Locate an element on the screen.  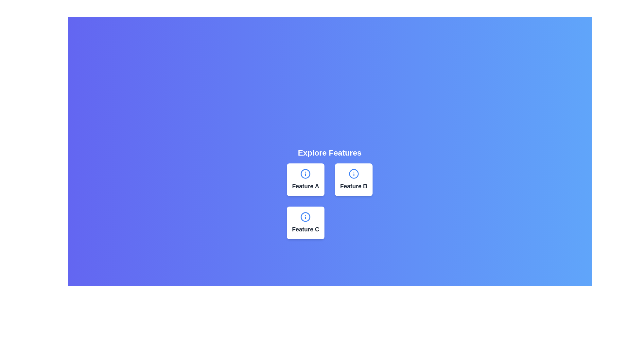
the third card in the 'Explore Features' grid, which represents 'Feature C' is located at coordinates (305, 223).